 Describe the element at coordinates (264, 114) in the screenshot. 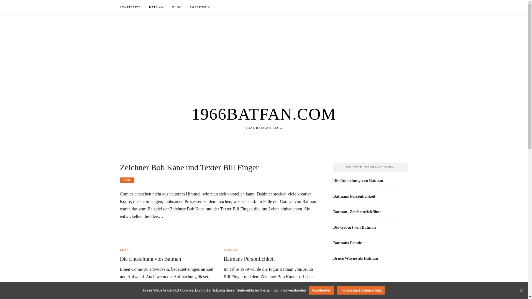

I see `'1966BATFAN.COM'` at that location.